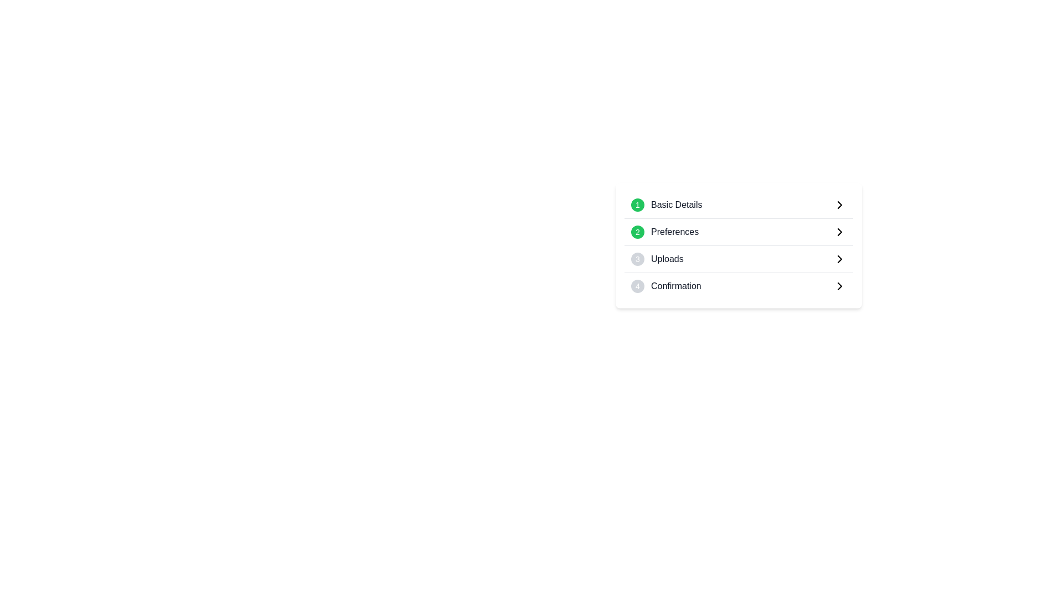  I want to click on the right-facing chevron arrow icon located at the far right of the '1 Basic Details' row, so click(839, 205).